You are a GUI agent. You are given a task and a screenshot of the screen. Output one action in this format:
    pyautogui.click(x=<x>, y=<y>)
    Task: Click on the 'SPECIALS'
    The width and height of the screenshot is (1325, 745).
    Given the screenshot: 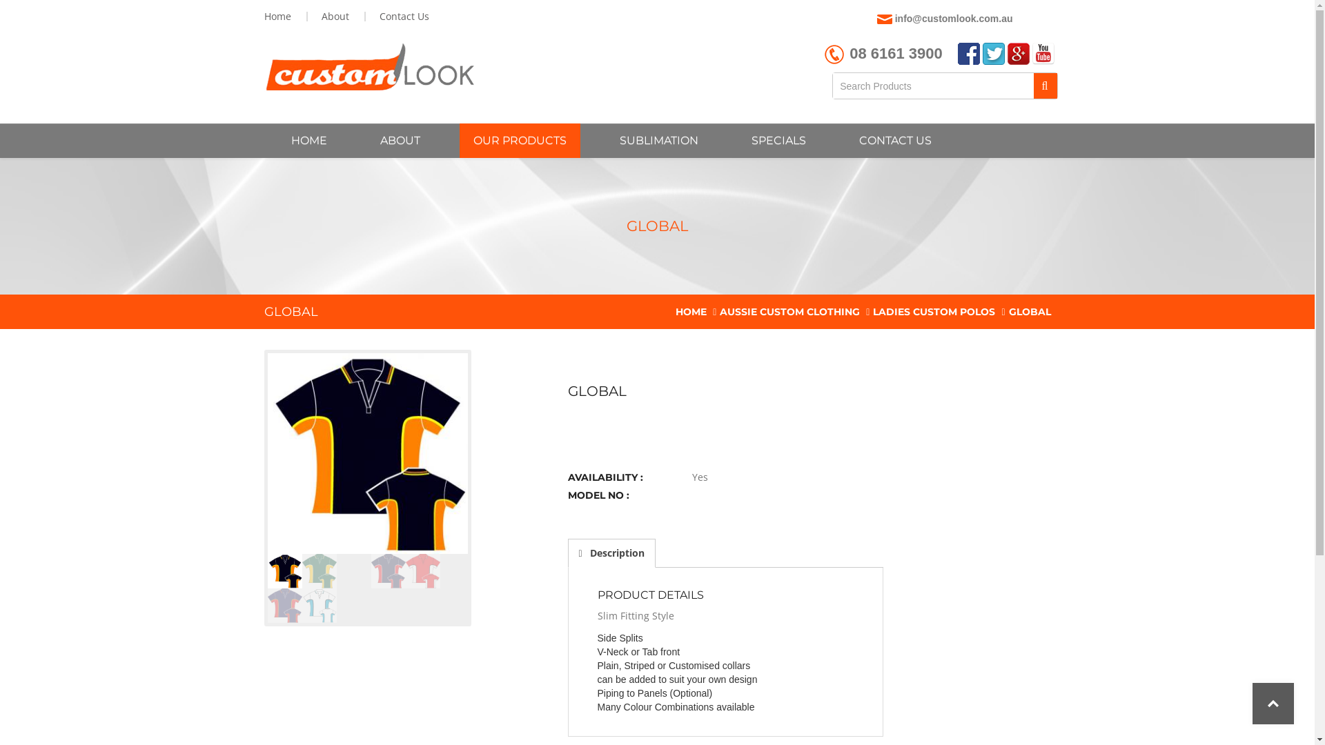 What is the action you would take?
    pyautogui.click(x=778, y=141)
    